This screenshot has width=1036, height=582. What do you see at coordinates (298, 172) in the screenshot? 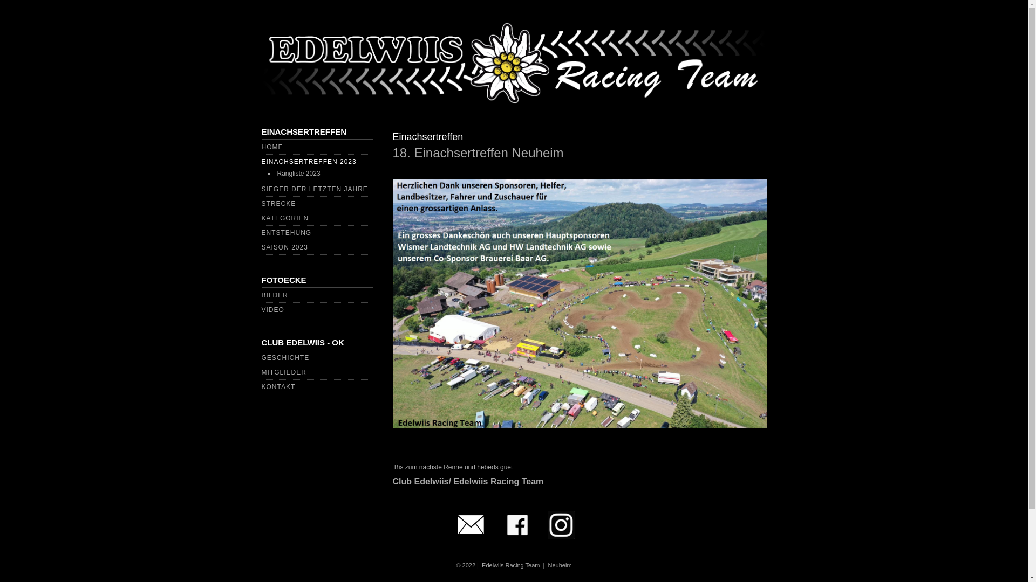
I see `'Rangliste 2023'` at bounding box center [298, 172].